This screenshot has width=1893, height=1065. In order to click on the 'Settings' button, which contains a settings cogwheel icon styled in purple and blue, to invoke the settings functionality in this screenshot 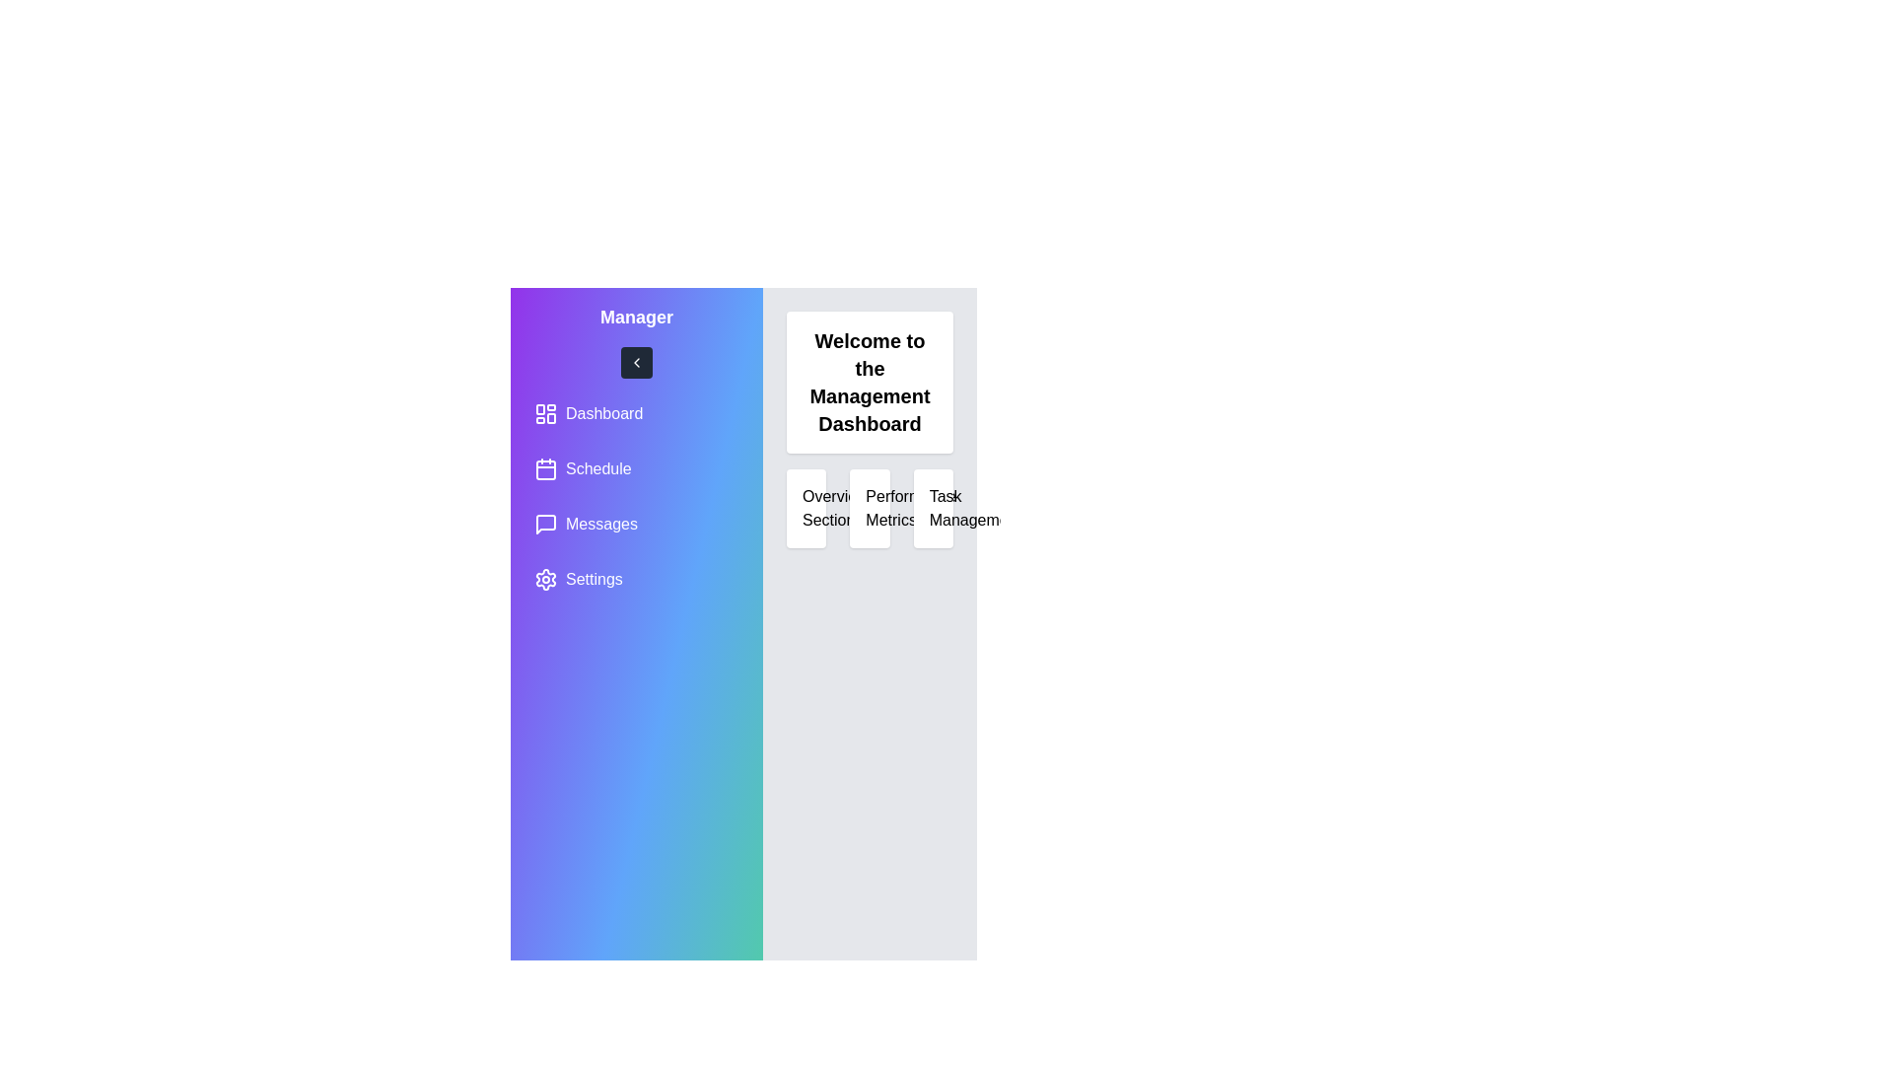, I will do `click(545, 578)`.